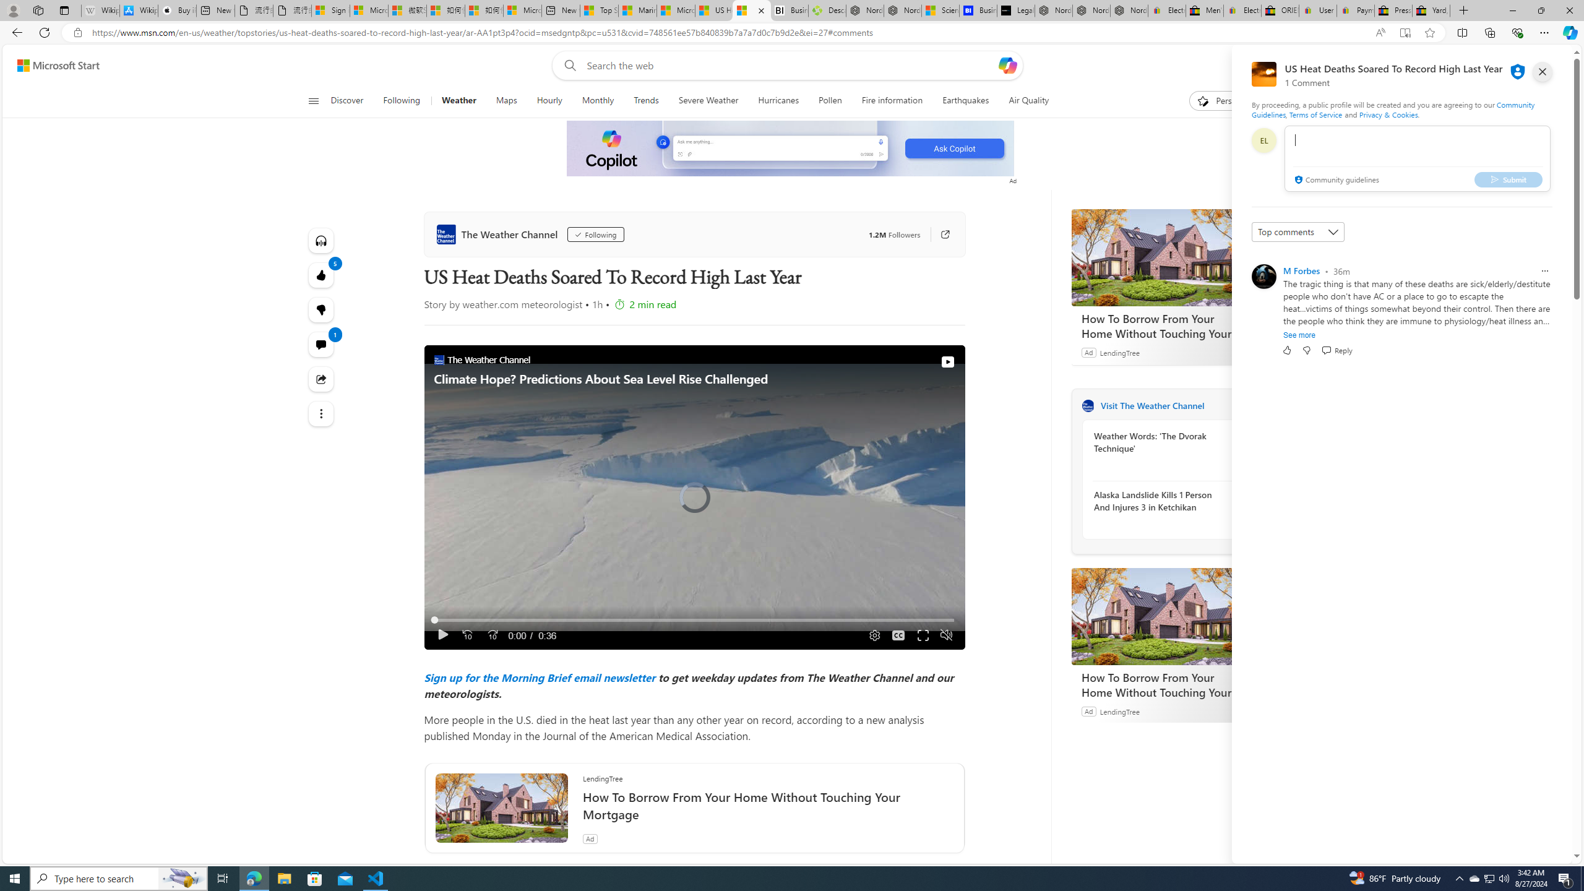  What do you see at coordinates (1355, 33) in the screenshot?
I see `'Read aloud this page (Ctrl+Shift+U)'` at bounding box center [1355, 33].